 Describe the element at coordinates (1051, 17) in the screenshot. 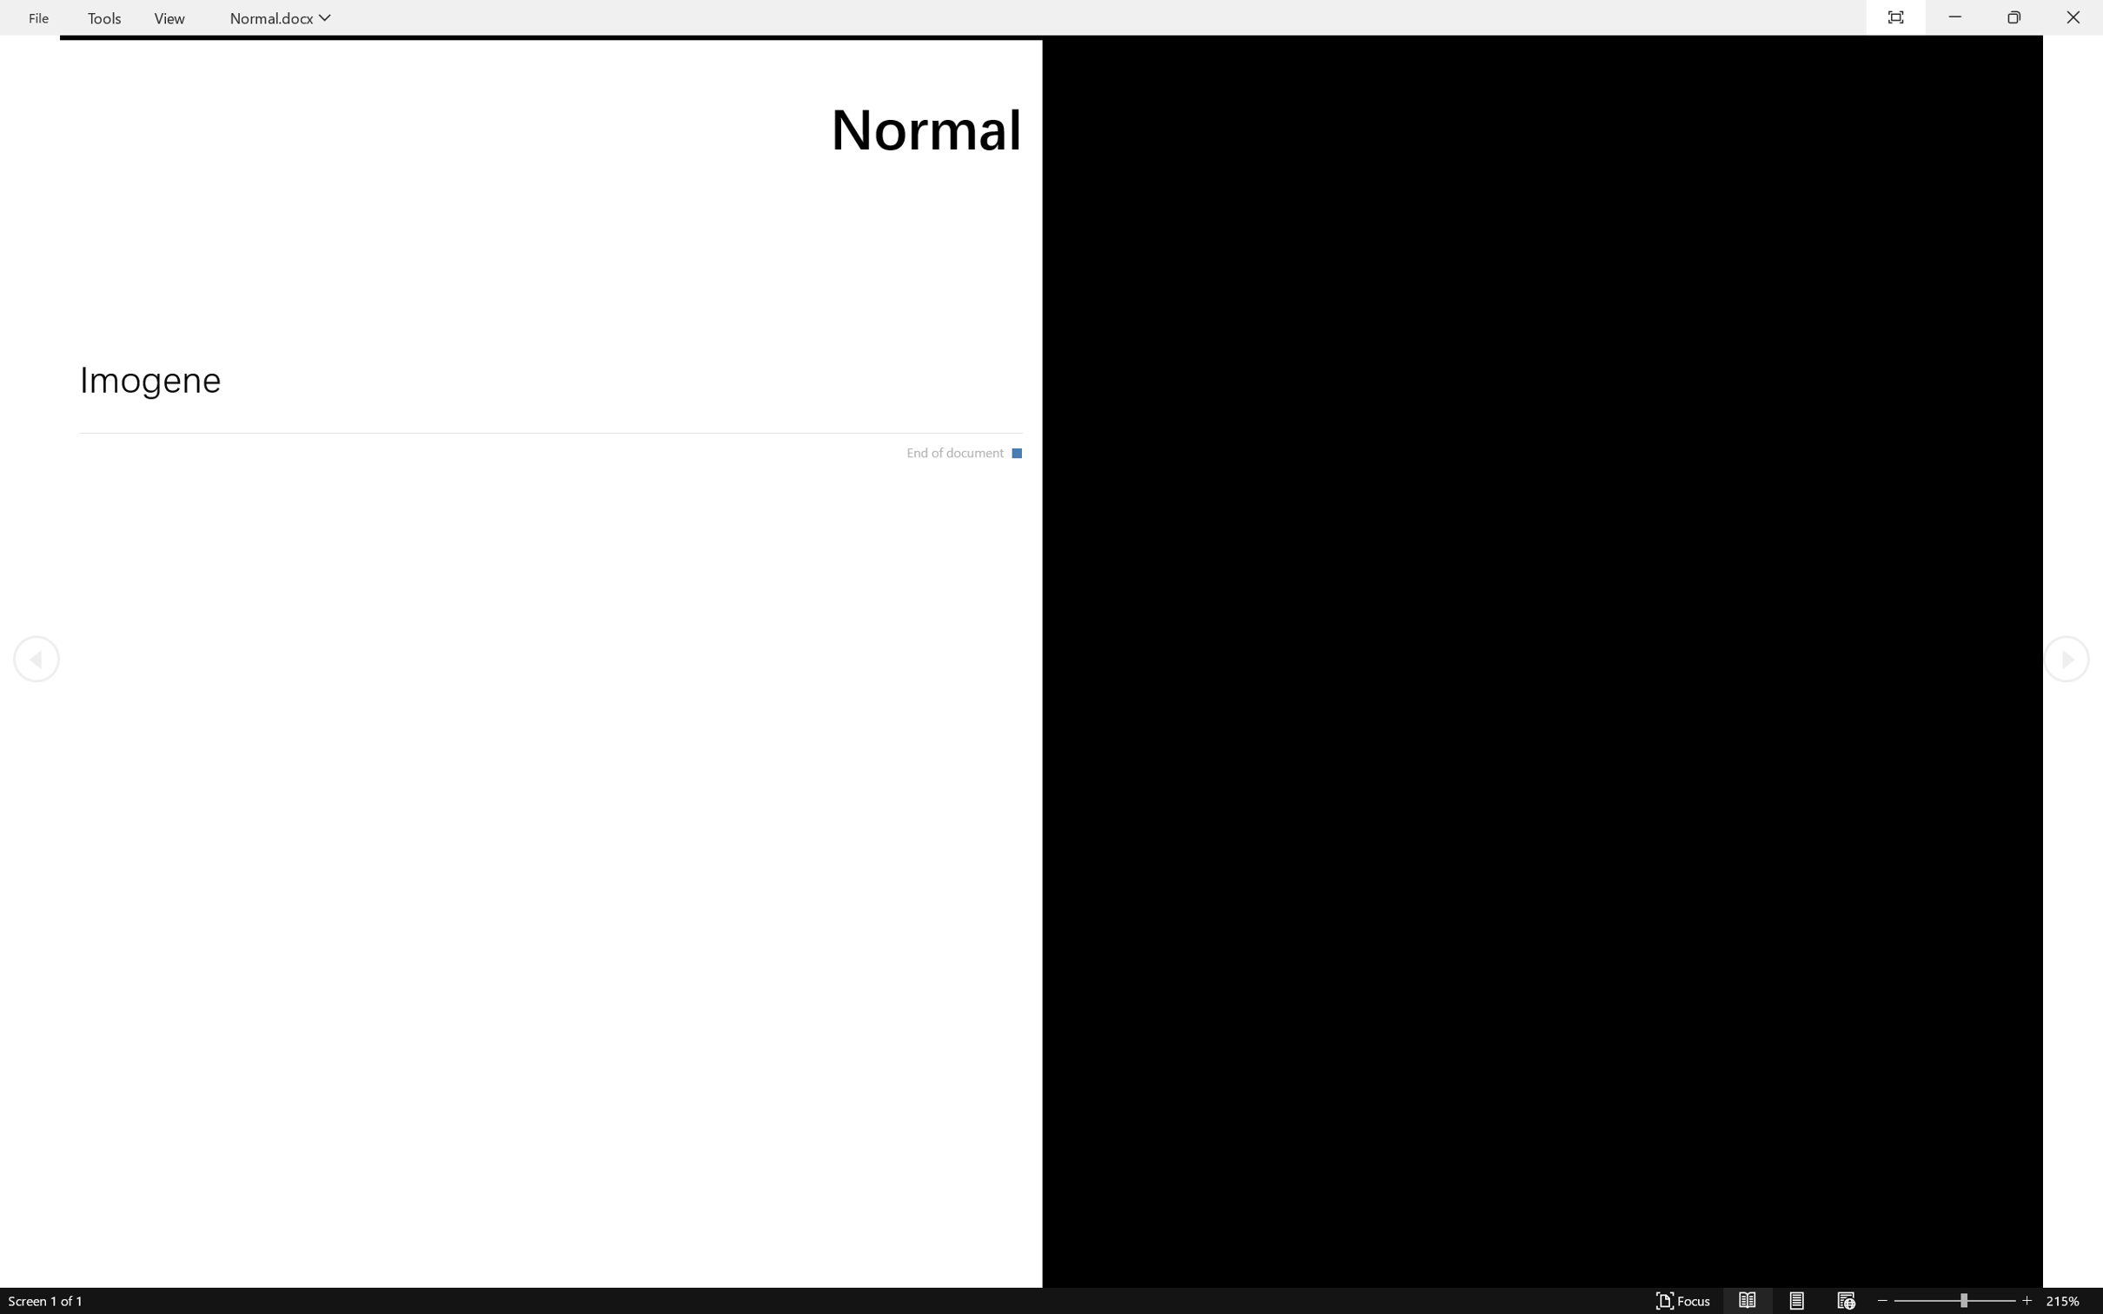

I see `'Class: Net UI Tool Window Layered'` at that location.